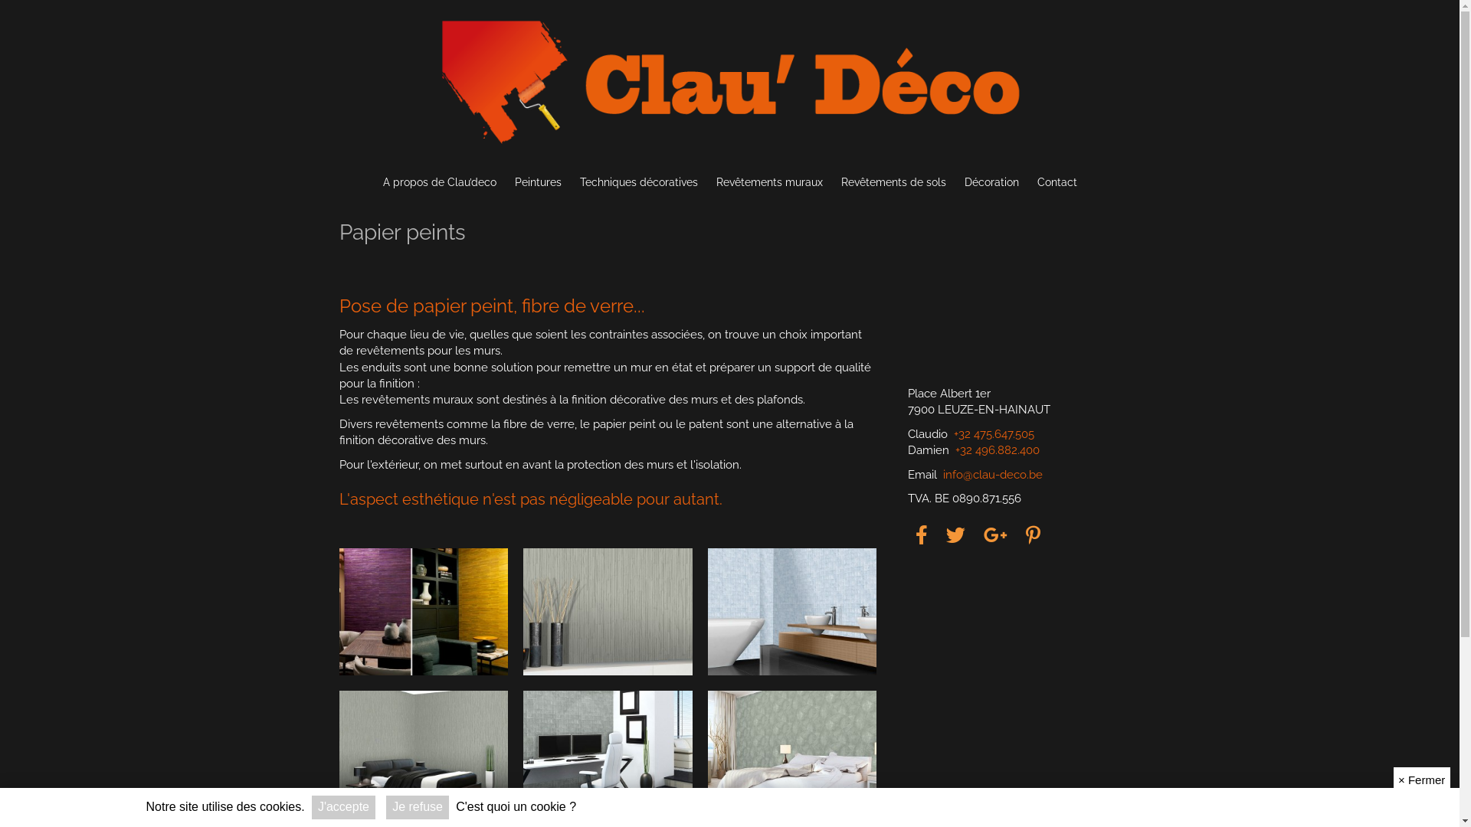 The height and width of the screenshot is (827, 1471). I want to click on 'J'accepte', so click(342, 806).